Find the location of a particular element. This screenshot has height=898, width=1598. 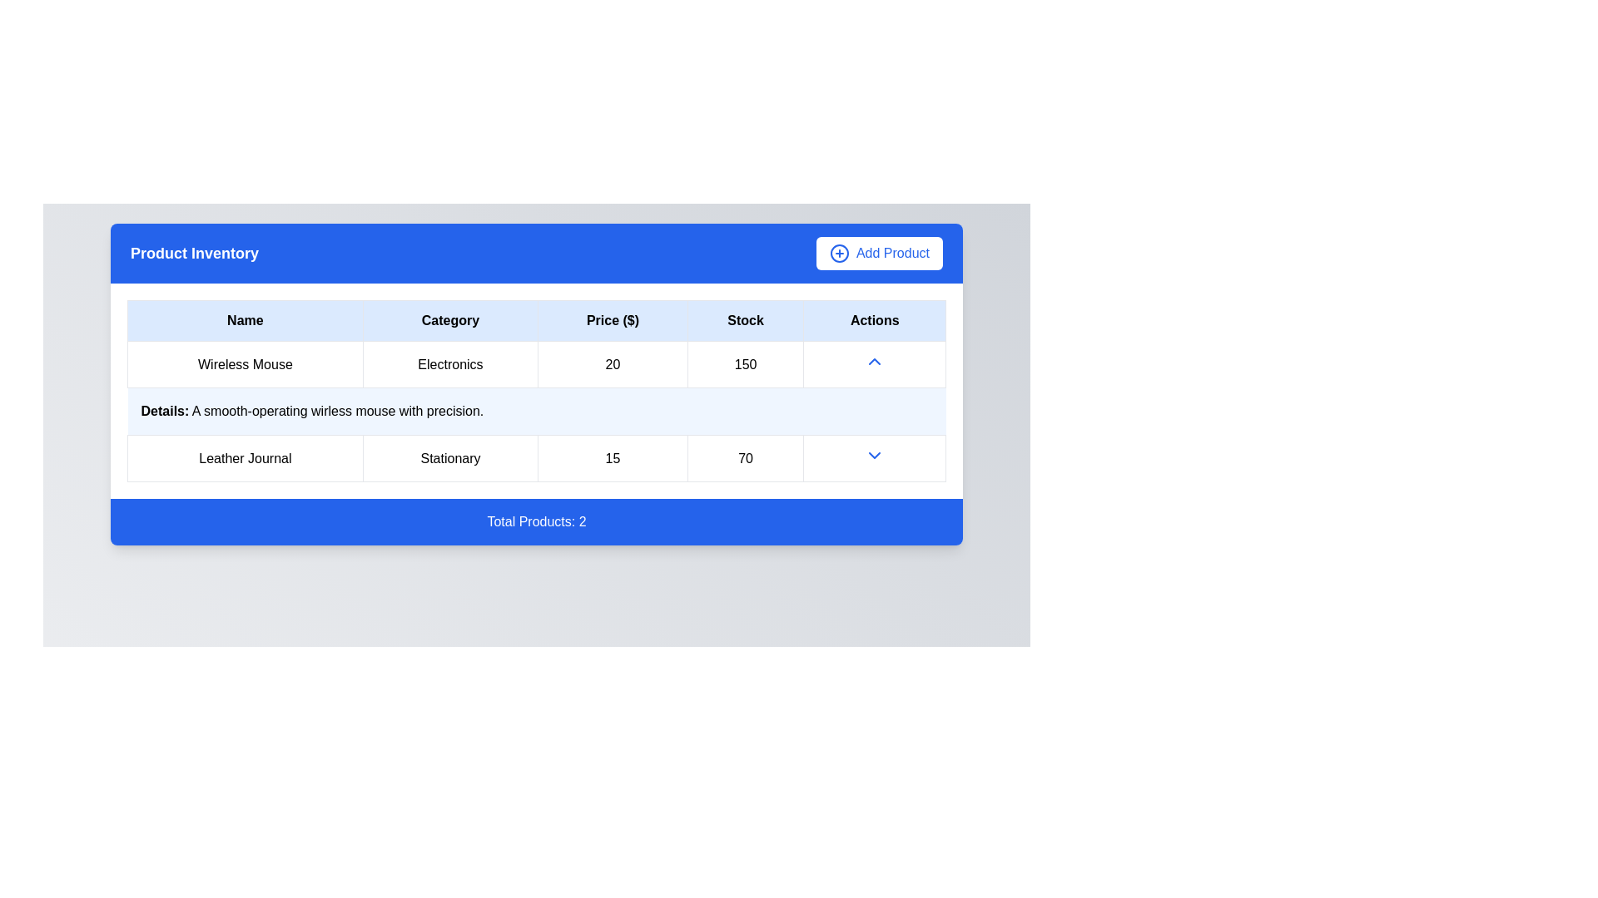

the Text display cell containing the value '150' in the 'Stock' column of the data table is located at coordinates (745, 363).